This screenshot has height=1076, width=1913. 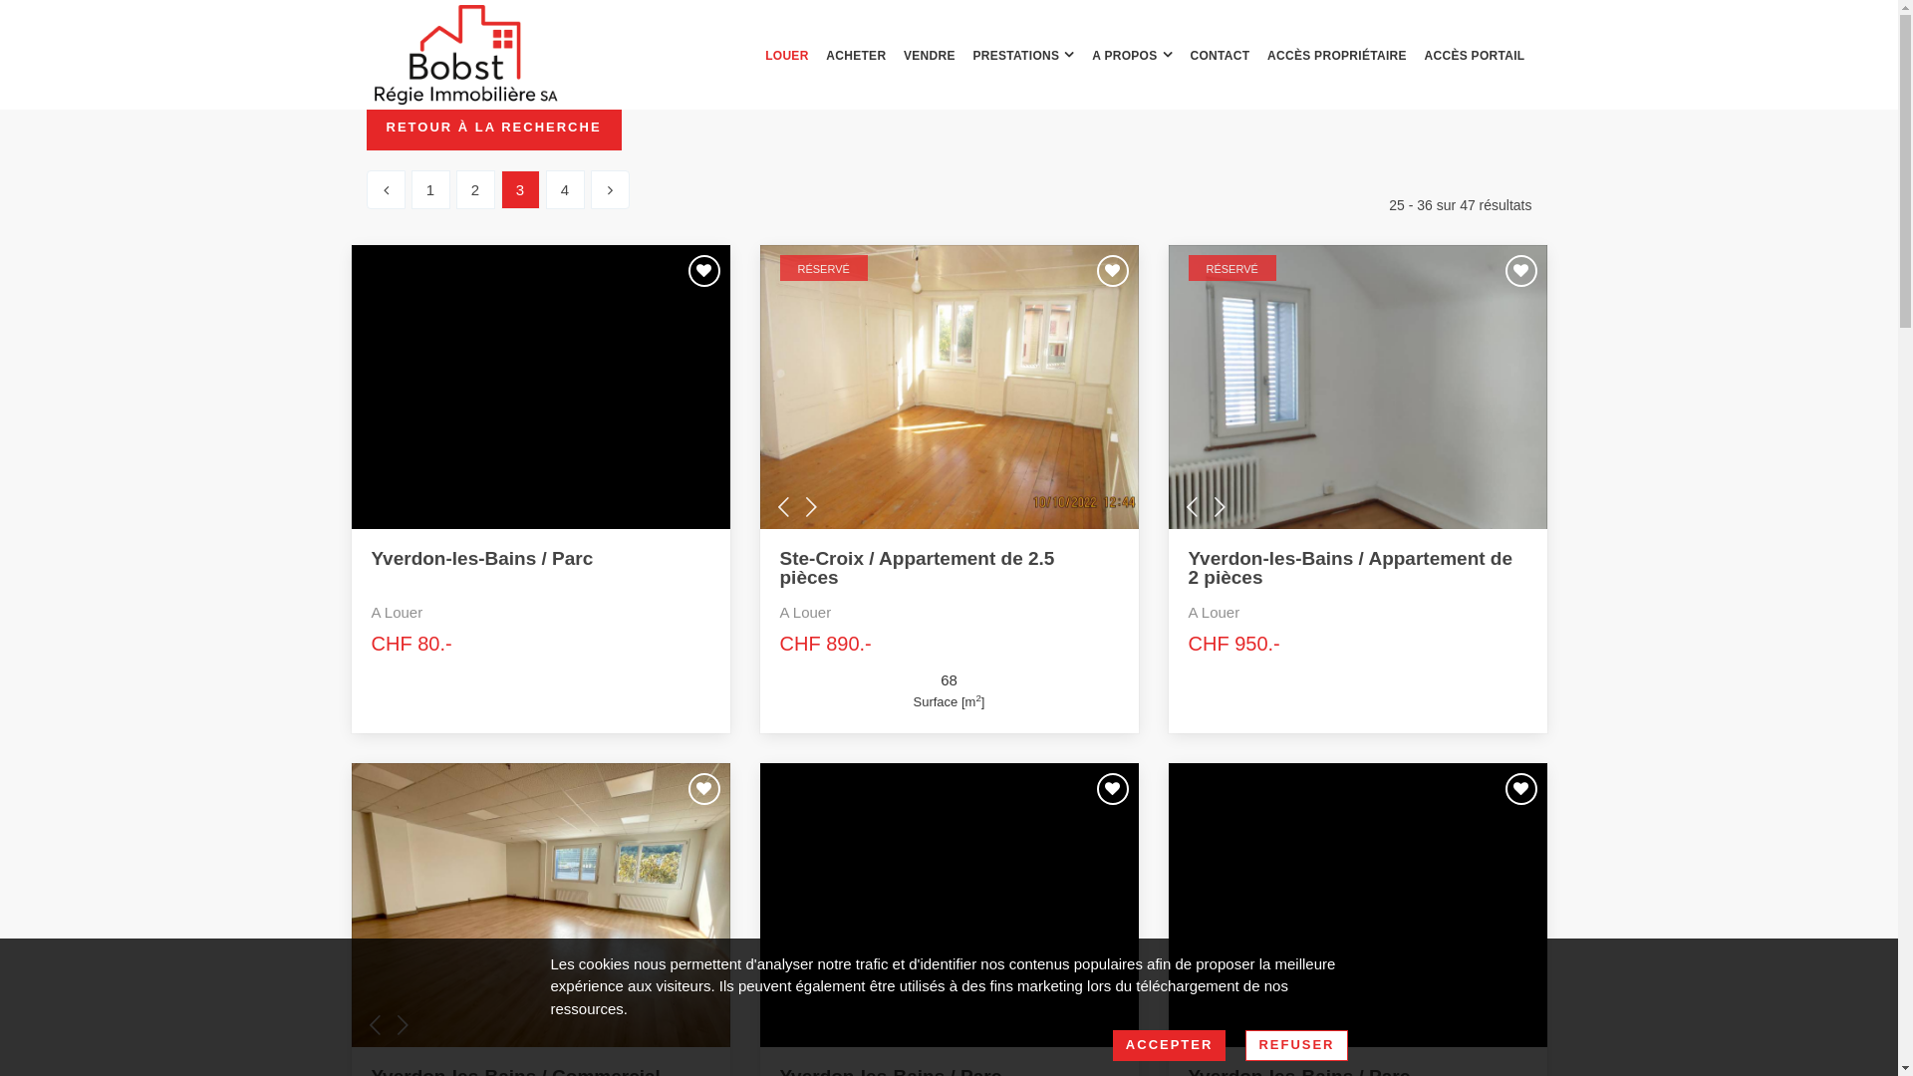 What do you see at coordinates (564, 189) in the screenshot?
I see `'4'` at bounding box center [564, 189].